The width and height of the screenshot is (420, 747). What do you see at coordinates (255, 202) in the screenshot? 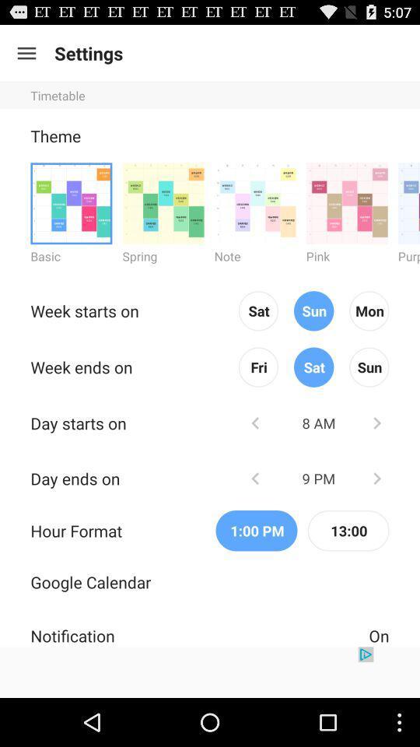
I see `theme for weakly chert button` at bounding box center [255, 202].